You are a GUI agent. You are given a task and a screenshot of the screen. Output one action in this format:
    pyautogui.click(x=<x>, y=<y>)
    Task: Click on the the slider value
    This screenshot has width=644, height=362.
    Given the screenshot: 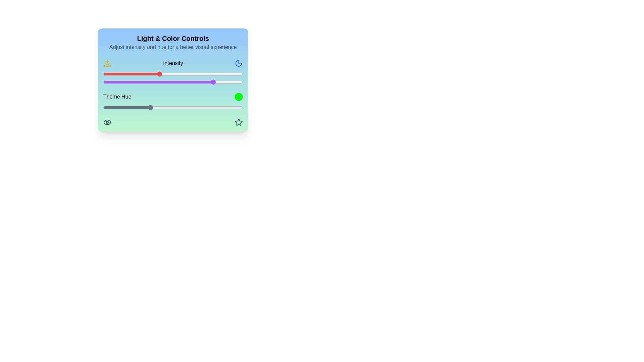 What is the action you would take?
    pyautogui.click(x=234, y=107)
    